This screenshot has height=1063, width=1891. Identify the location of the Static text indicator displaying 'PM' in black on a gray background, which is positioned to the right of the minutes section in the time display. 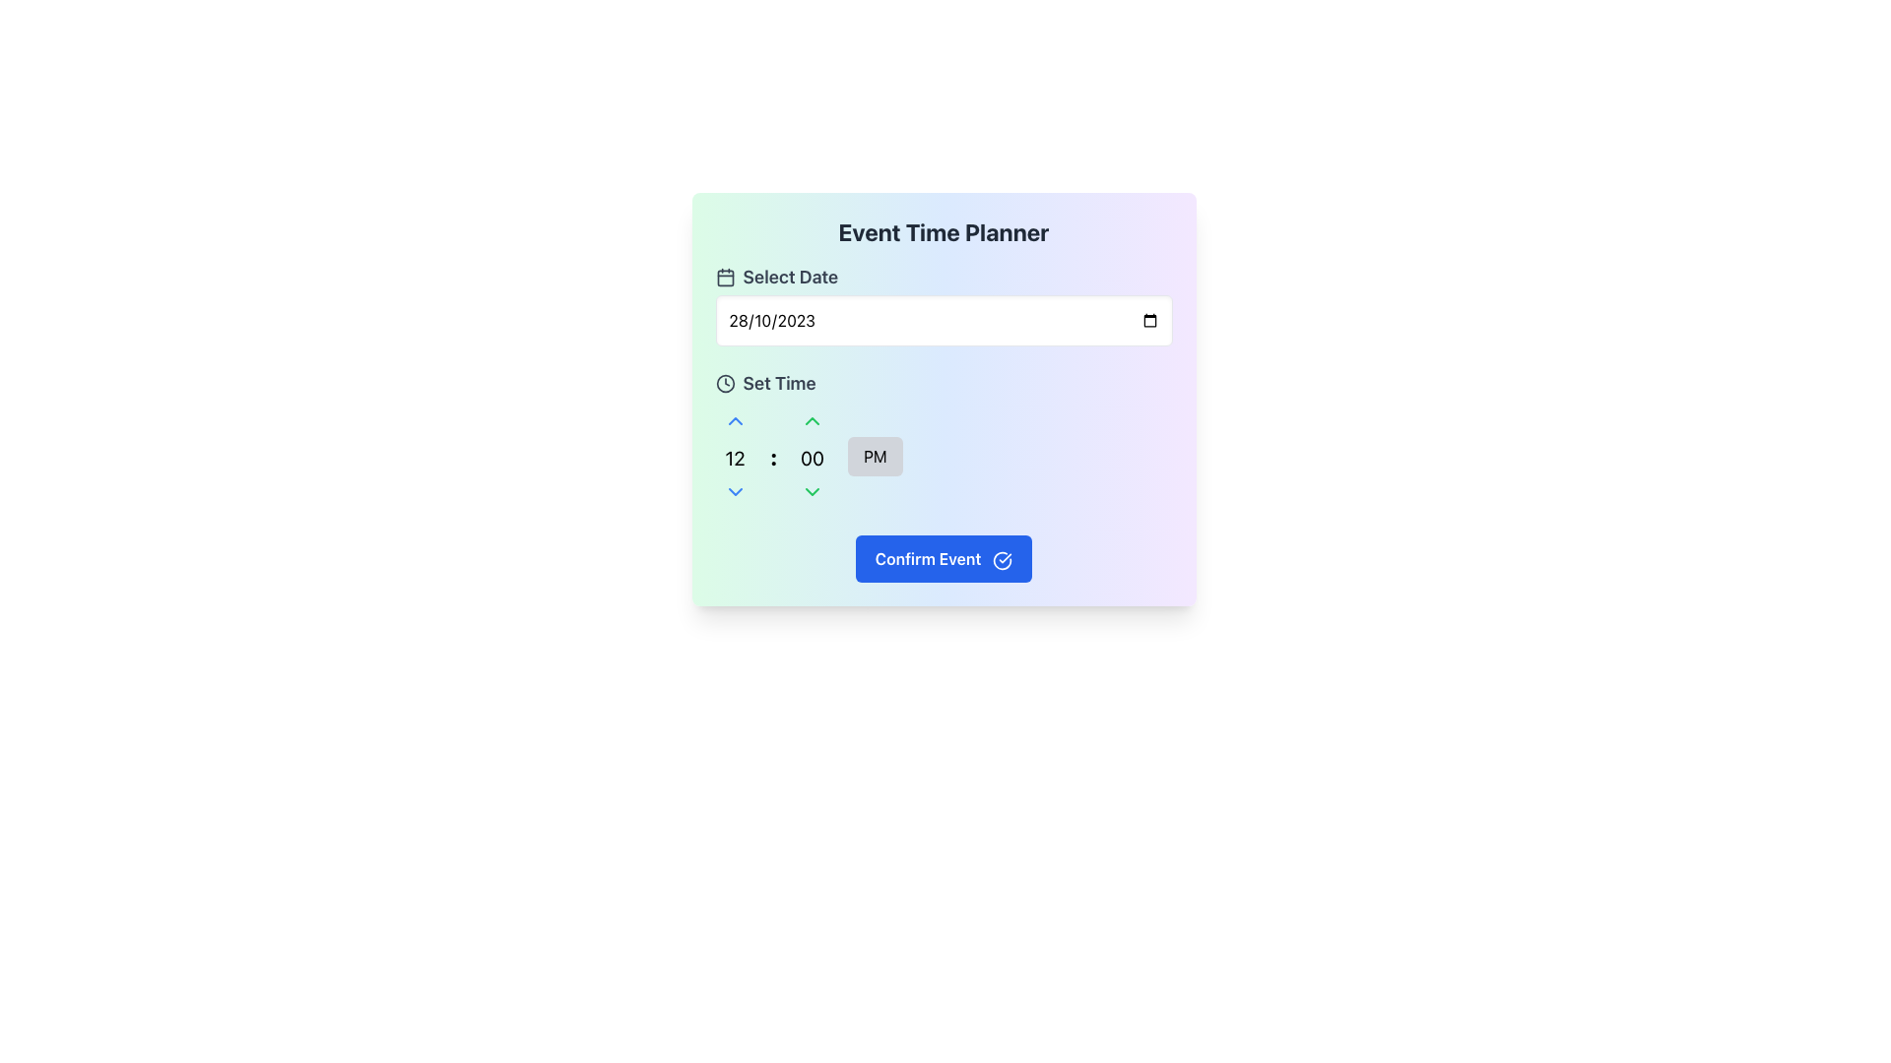
(874, 456).